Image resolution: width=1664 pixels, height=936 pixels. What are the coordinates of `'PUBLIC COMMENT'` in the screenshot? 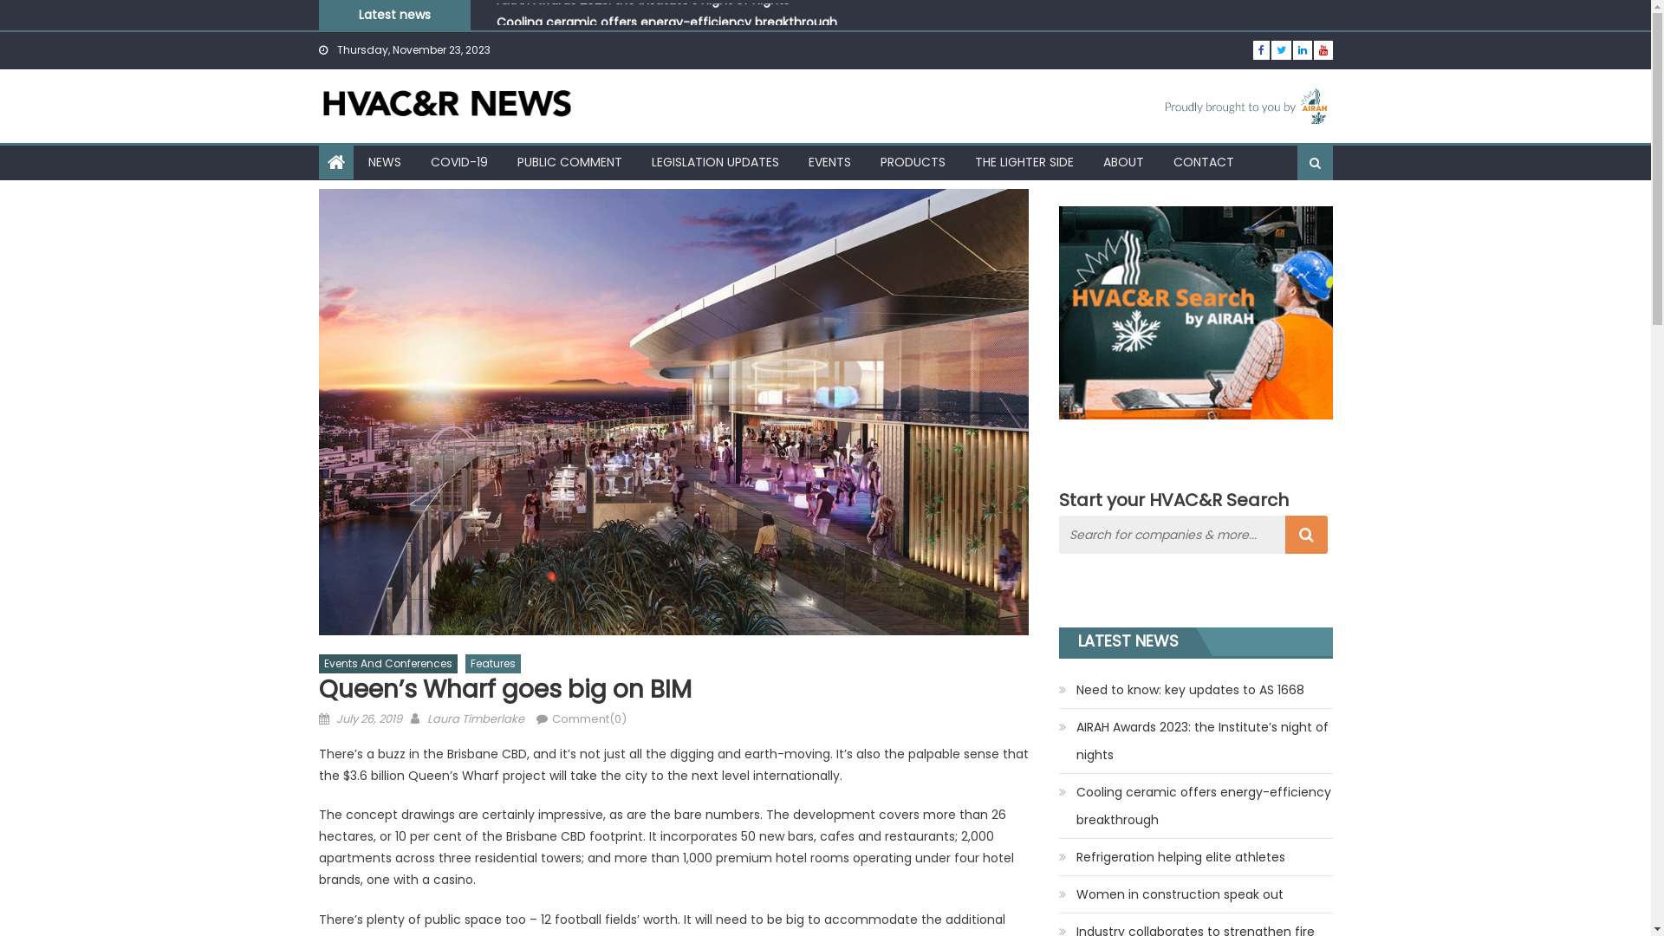 It's located at (569, 161).